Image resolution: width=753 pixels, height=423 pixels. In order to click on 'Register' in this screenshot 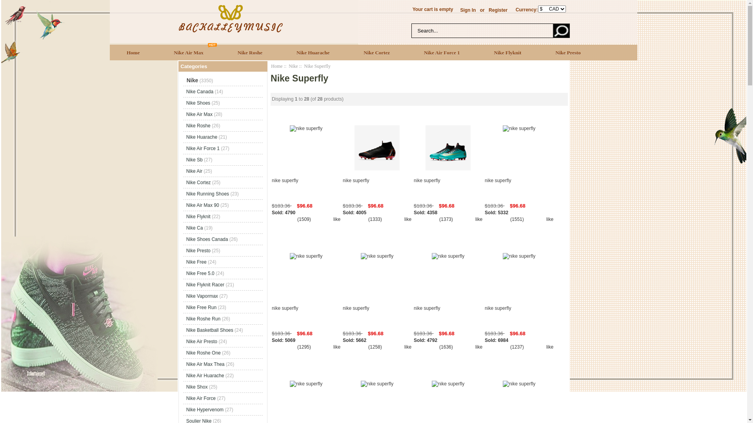, I will do `click(498, 10)`.